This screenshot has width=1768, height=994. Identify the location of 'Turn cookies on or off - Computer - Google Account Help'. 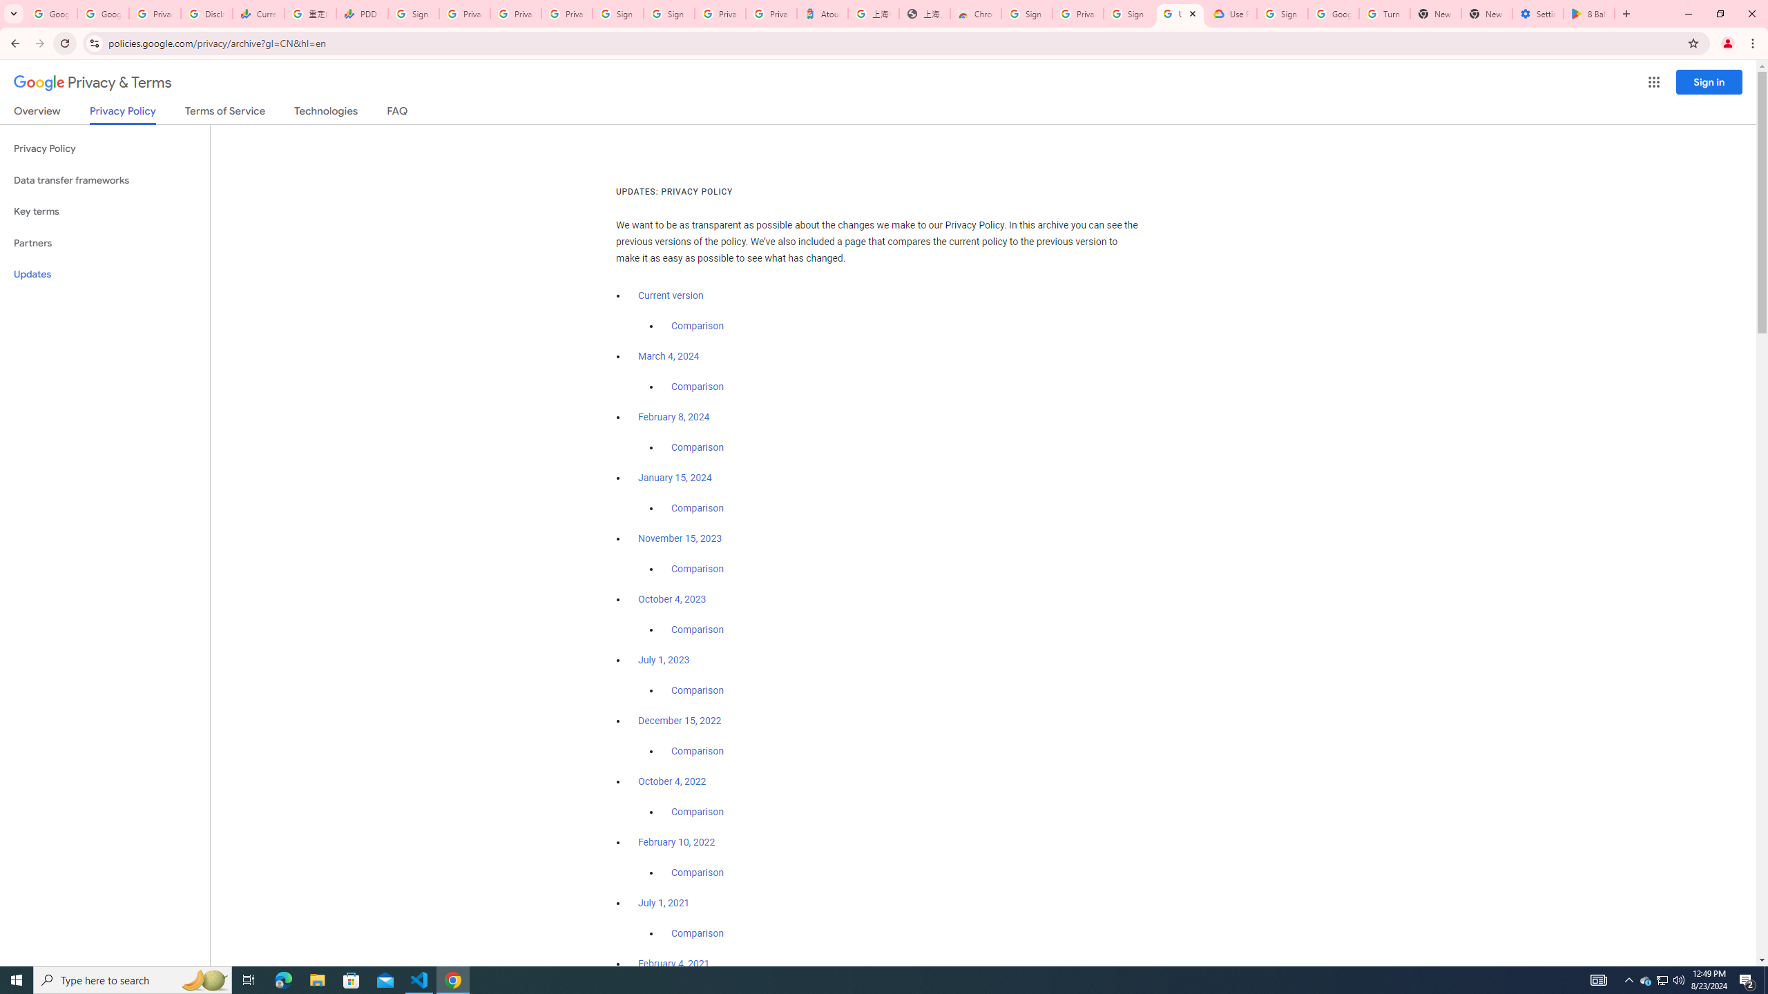
(1383, 13).